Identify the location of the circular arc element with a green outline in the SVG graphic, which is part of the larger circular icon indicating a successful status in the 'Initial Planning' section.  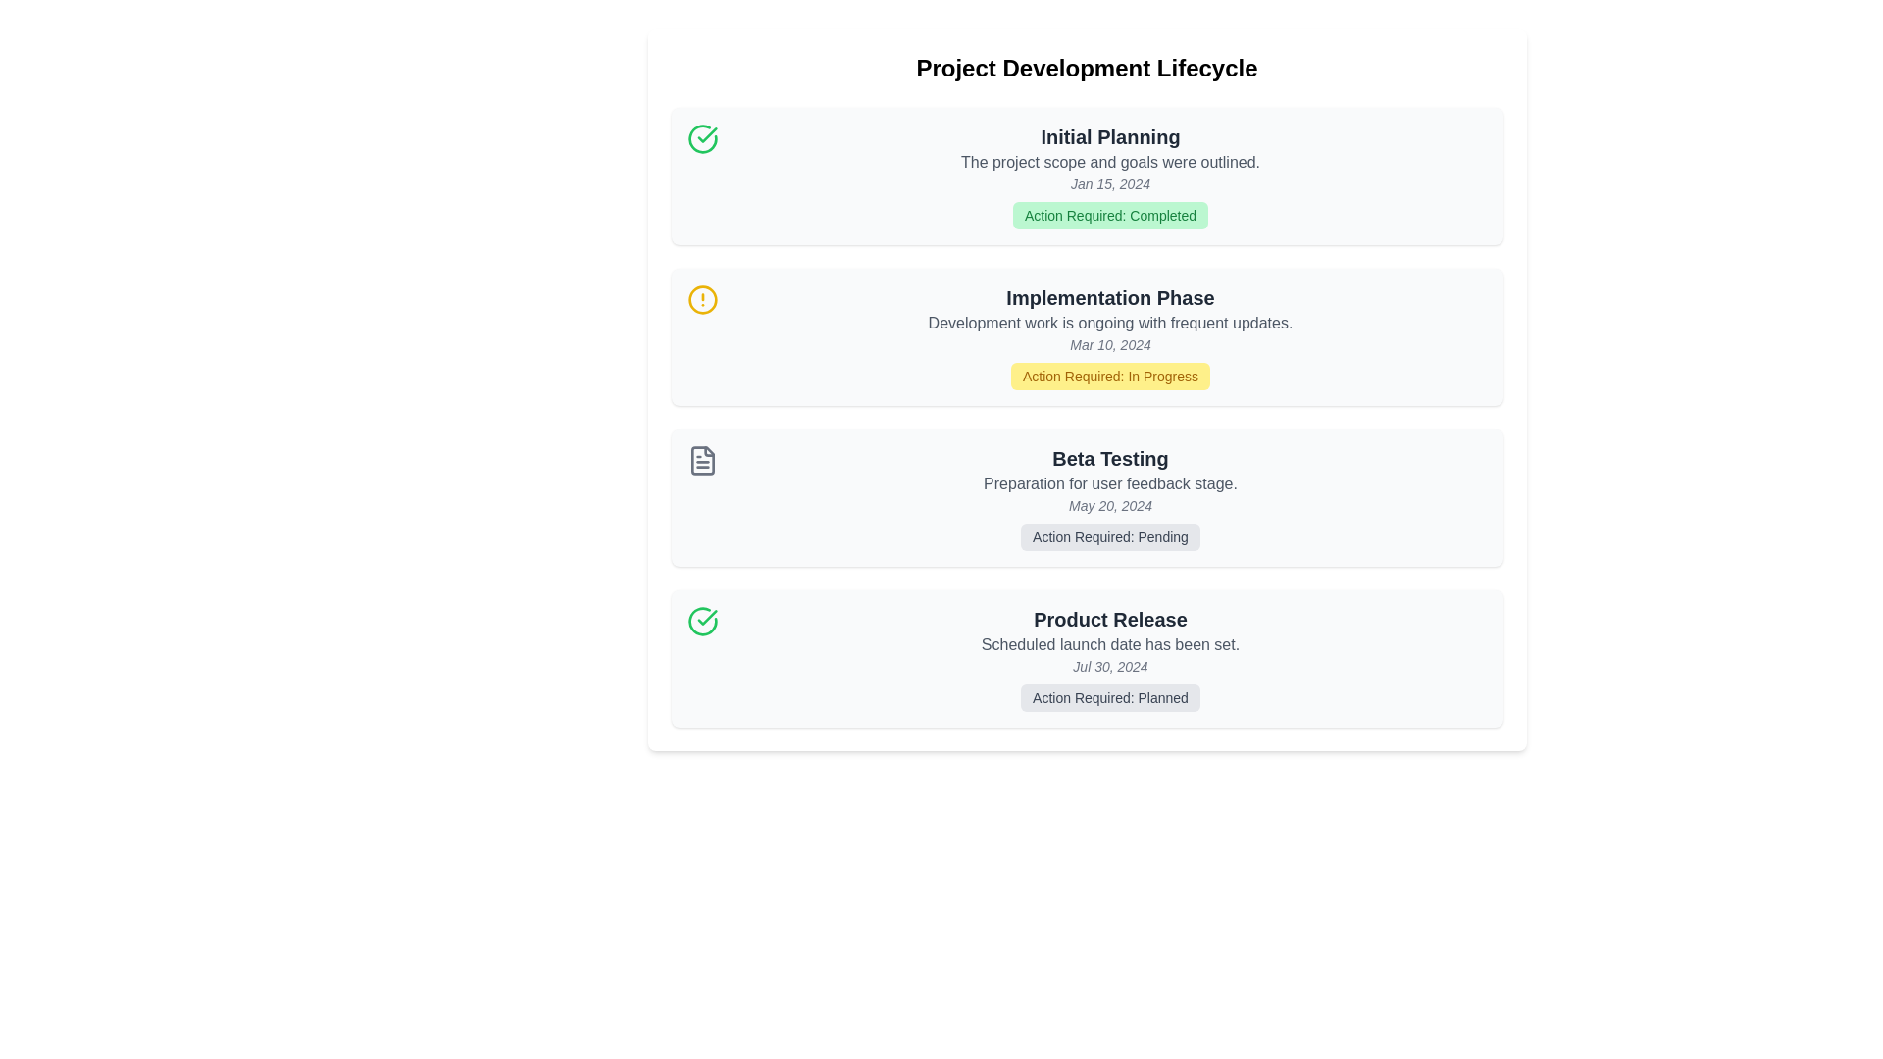
(702, 138).